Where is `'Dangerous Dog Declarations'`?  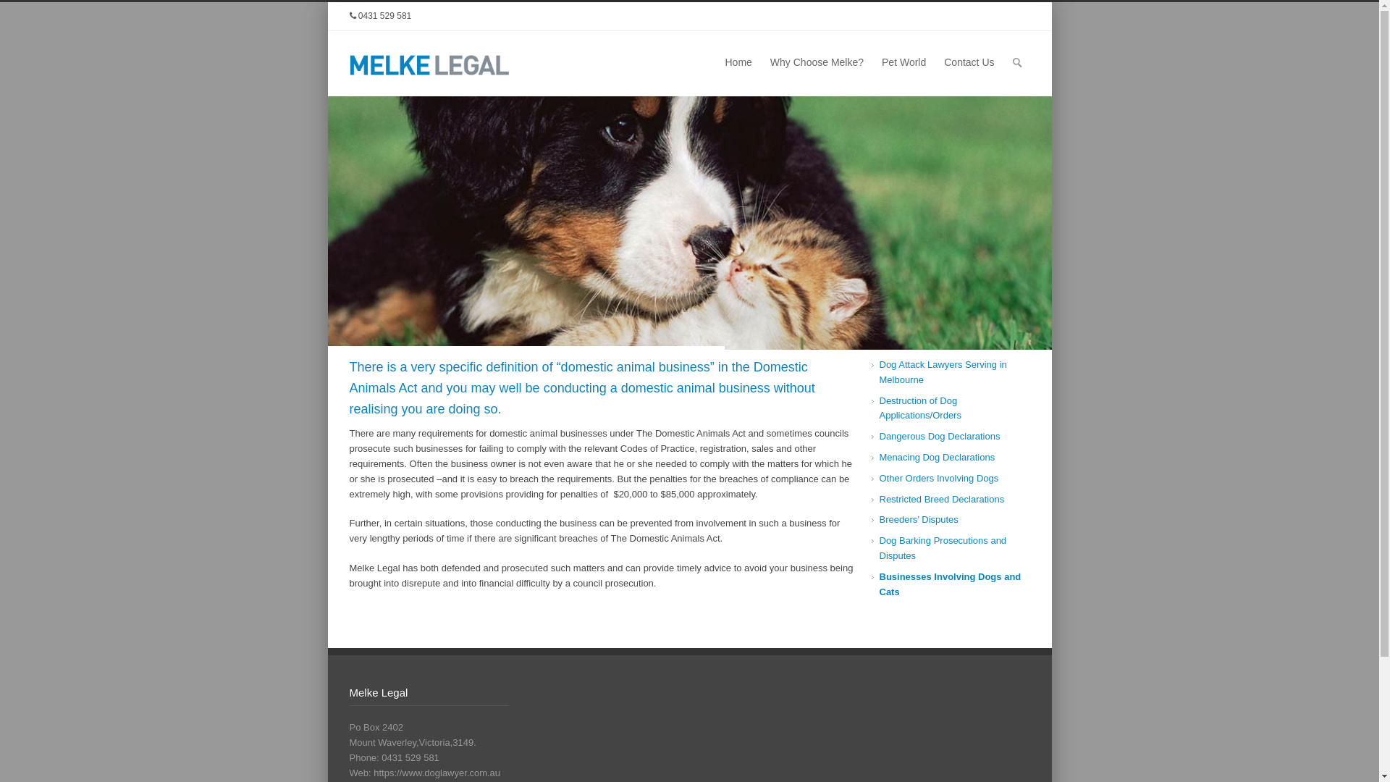 'Dangerous Dog Declarations' is located at coordinates (939, 435).